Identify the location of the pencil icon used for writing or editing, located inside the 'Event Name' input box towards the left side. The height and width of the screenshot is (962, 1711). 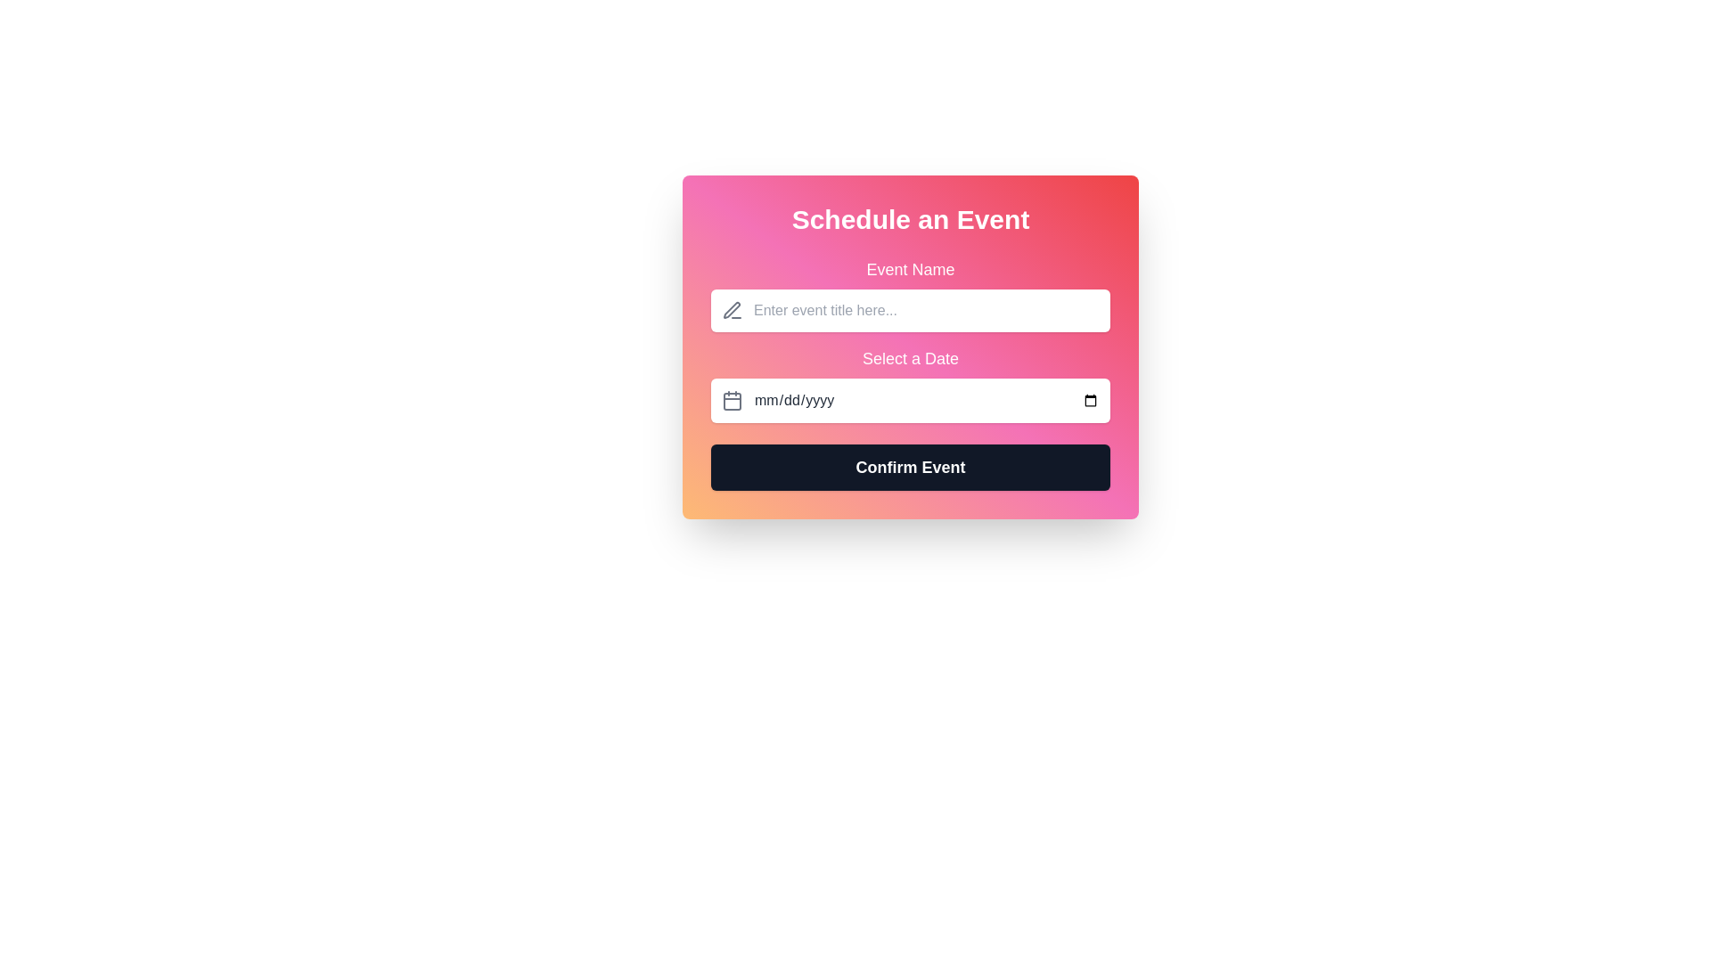
(732, 309).